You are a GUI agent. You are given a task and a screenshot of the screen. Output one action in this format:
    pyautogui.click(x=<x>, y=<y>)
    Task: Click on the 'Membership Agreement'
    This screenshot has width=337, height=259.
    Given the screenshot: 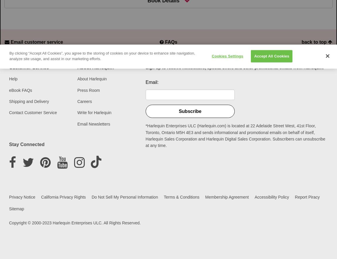 What is the action you would take?
    pyautogui.click(x=227, y=196)
    